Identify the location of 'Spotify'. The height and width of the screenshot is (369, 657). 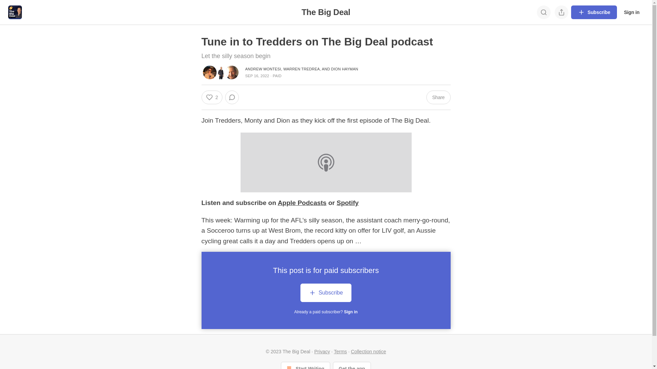
(348, 202).